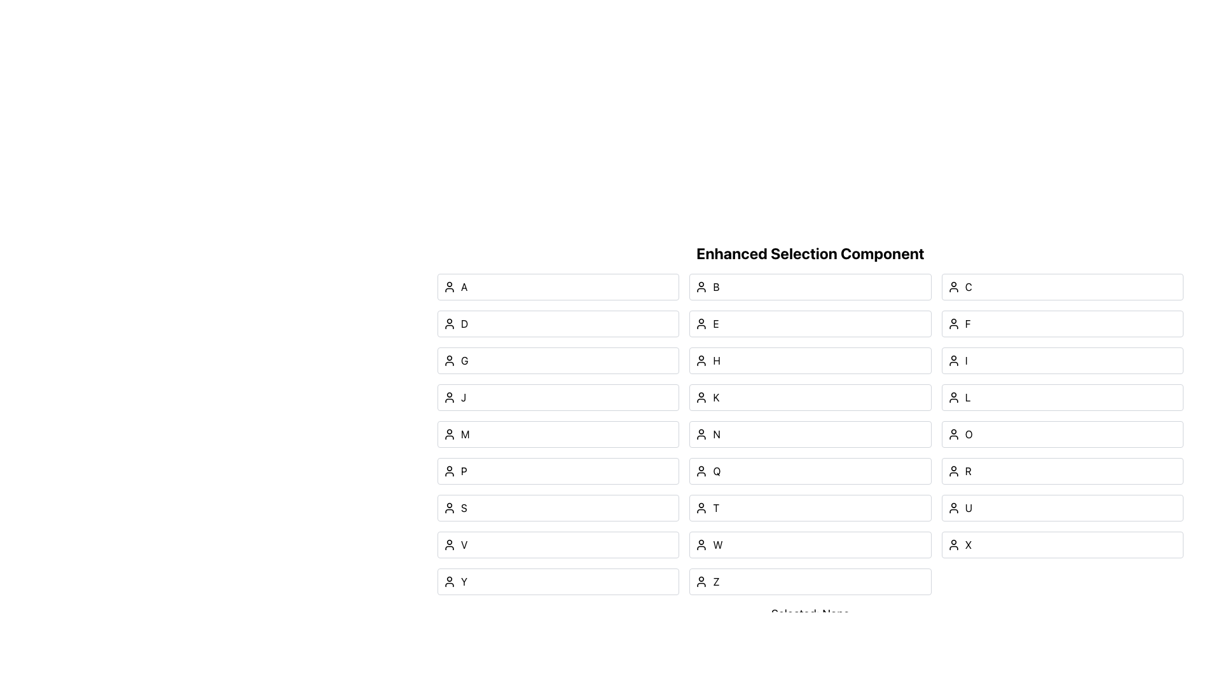 Image resolution: width=1221 pixels, height=686 pixels. Describe the element at coordinates (701, 286) in the screenshot. I see `the user profile silhouette icon located inside the button labeled 'B'` at that location.